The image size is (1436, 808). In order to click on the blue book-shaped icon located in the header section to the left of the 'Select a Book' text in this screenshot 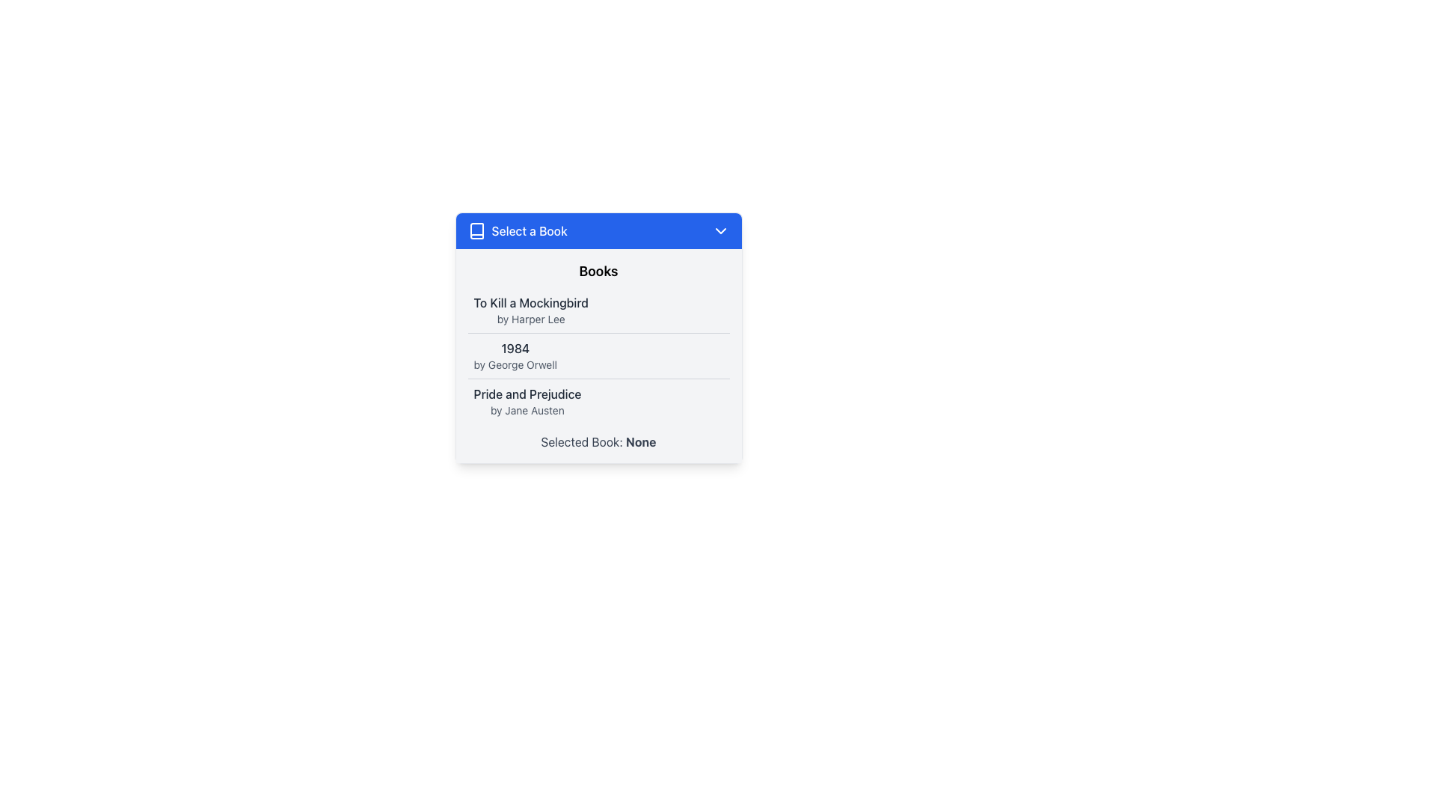, I will do `click(476, 230)`.